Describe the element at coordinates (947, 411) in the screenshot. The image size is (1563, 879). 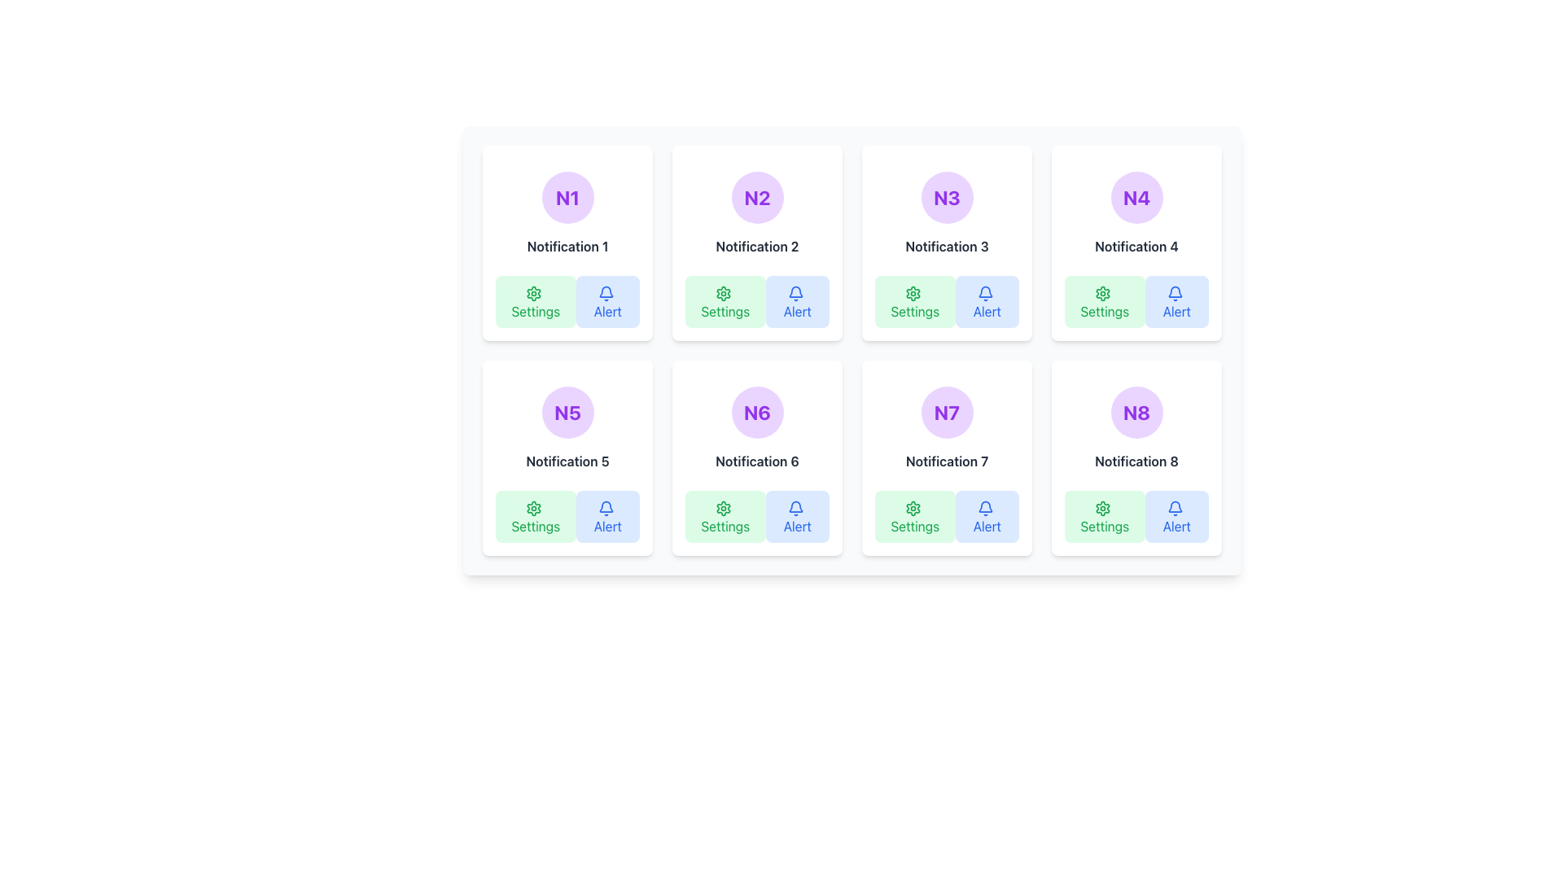
I see `the text label representing the identifier 'N7', located in the second row and third column of the grid layout, above the 'Notification 7' label and the 'Settings' and 'Alert' buttons` at that location.